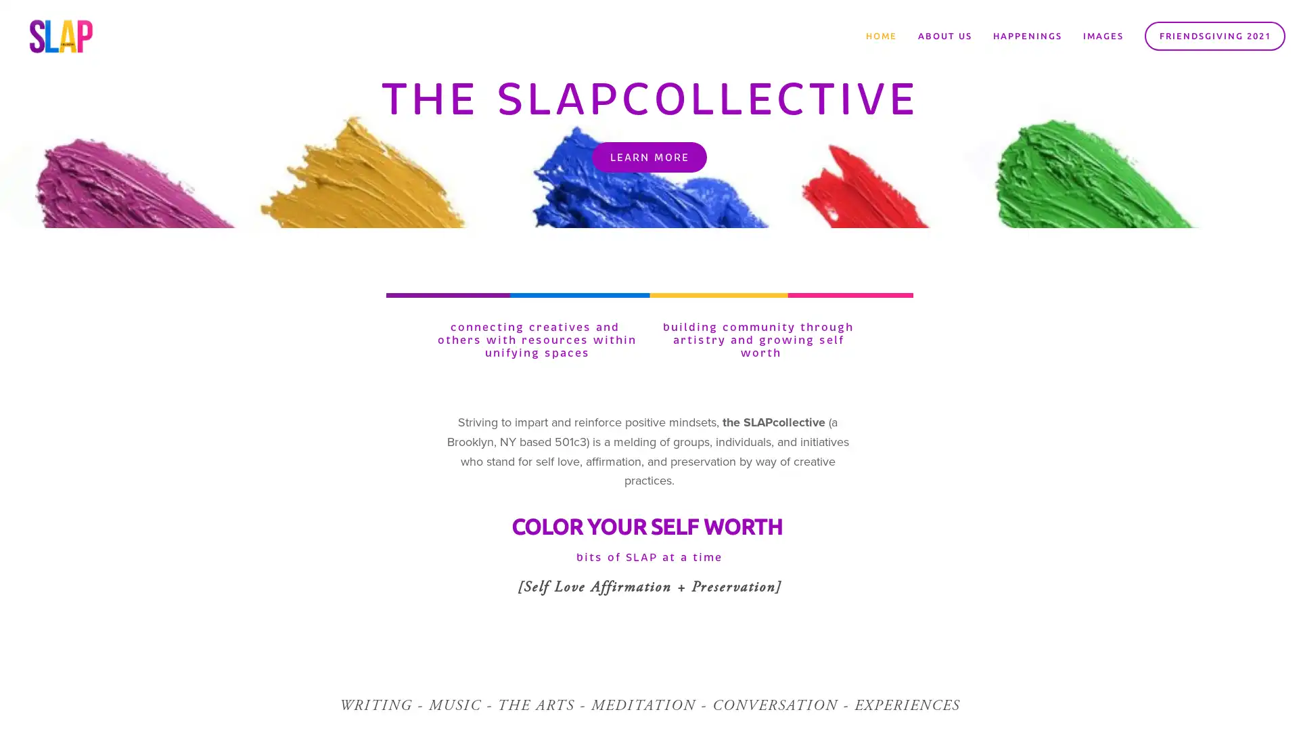 This screenshot has height=731, width=1299. Describe the element at coordinates (849, 210) in the screenshot. I see `Close` at that location.